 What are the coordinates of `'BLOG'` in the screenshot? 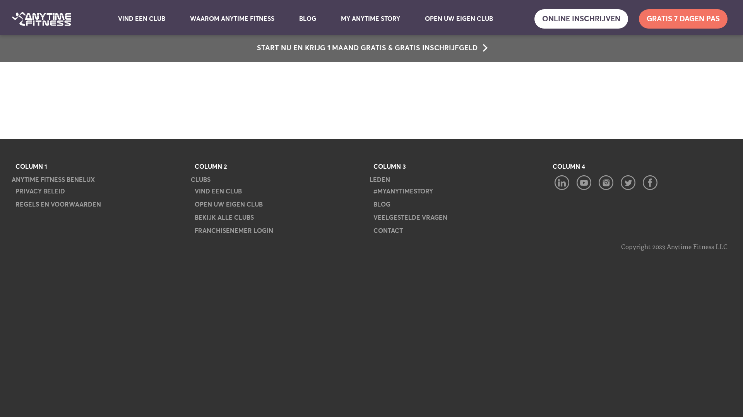 It's located at (287, 19).